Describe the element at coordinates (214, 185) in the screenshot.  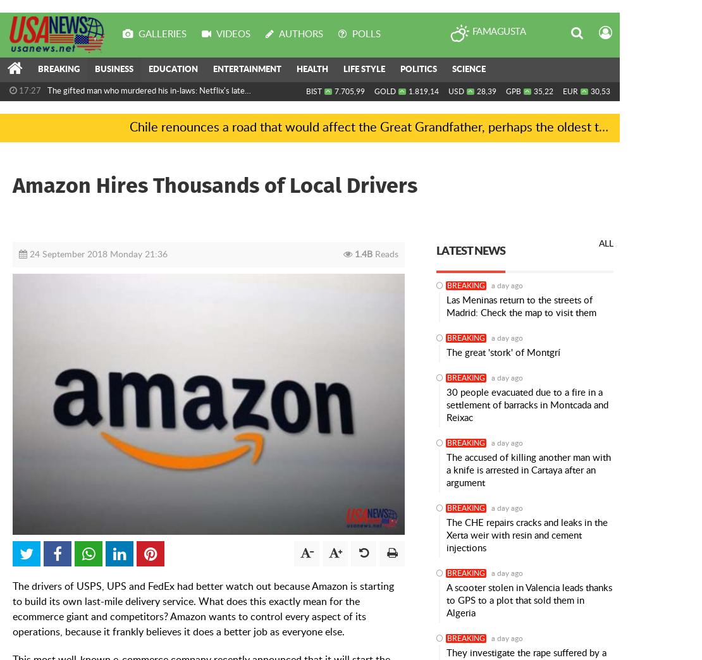
I see `'Amazon Hires Thousands of Local Drivers'` at that location.